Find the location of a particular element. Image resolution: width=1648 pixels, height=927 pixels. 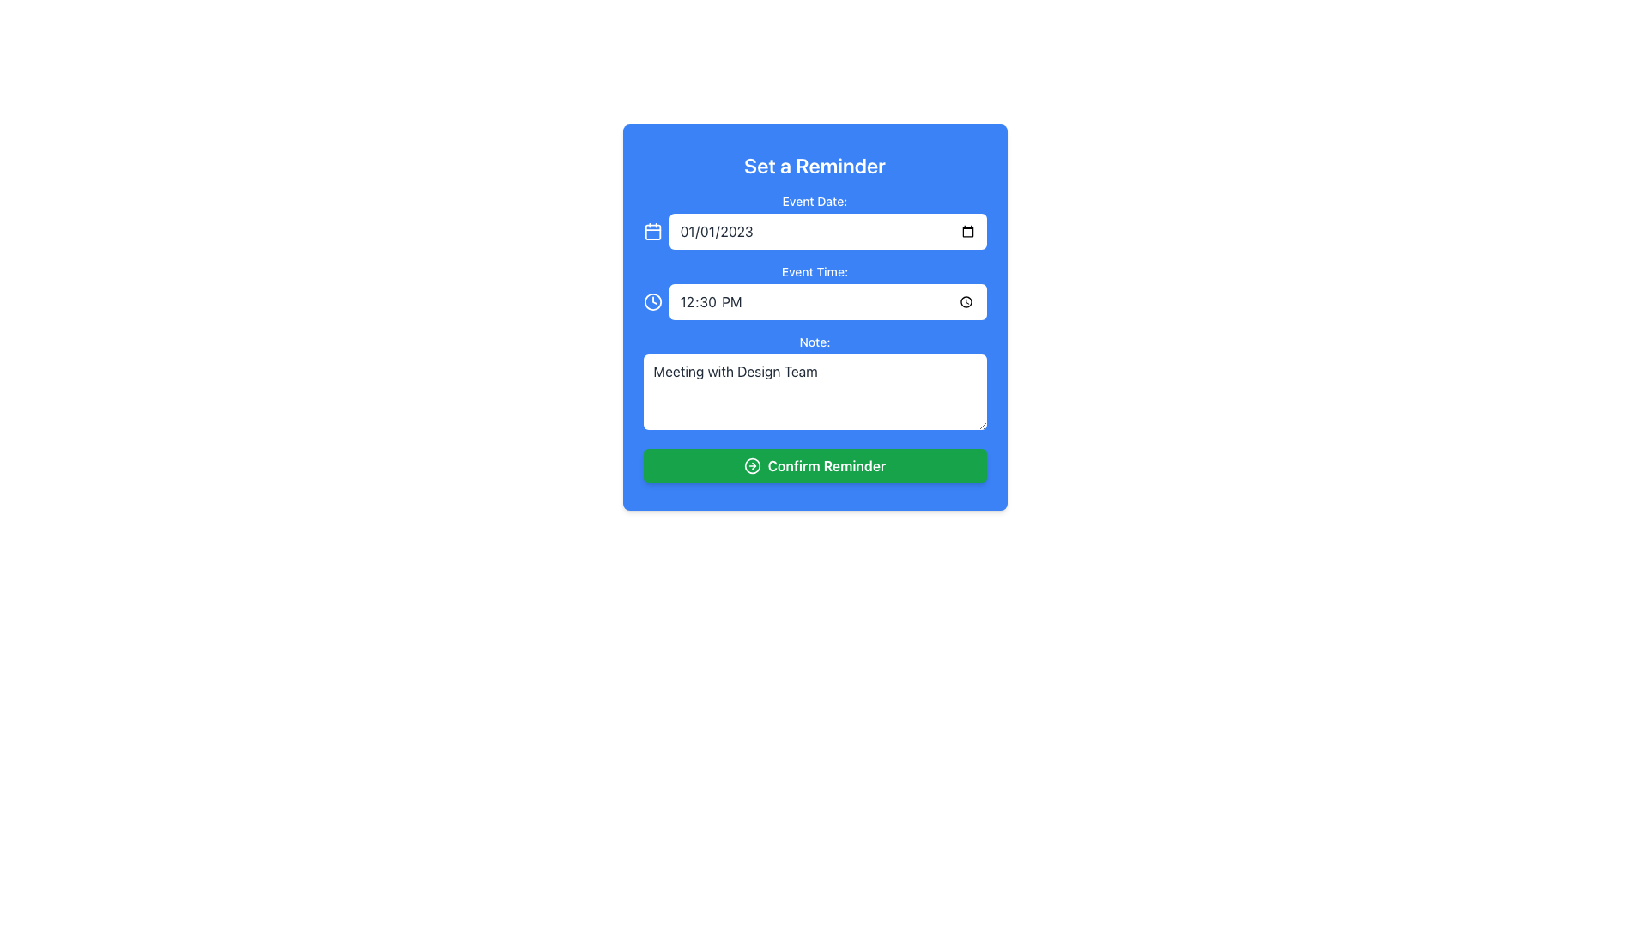

the static text label reading 'Event Time:' which is positioned above the time input field in the form panel is located at coordinates (814, 270).